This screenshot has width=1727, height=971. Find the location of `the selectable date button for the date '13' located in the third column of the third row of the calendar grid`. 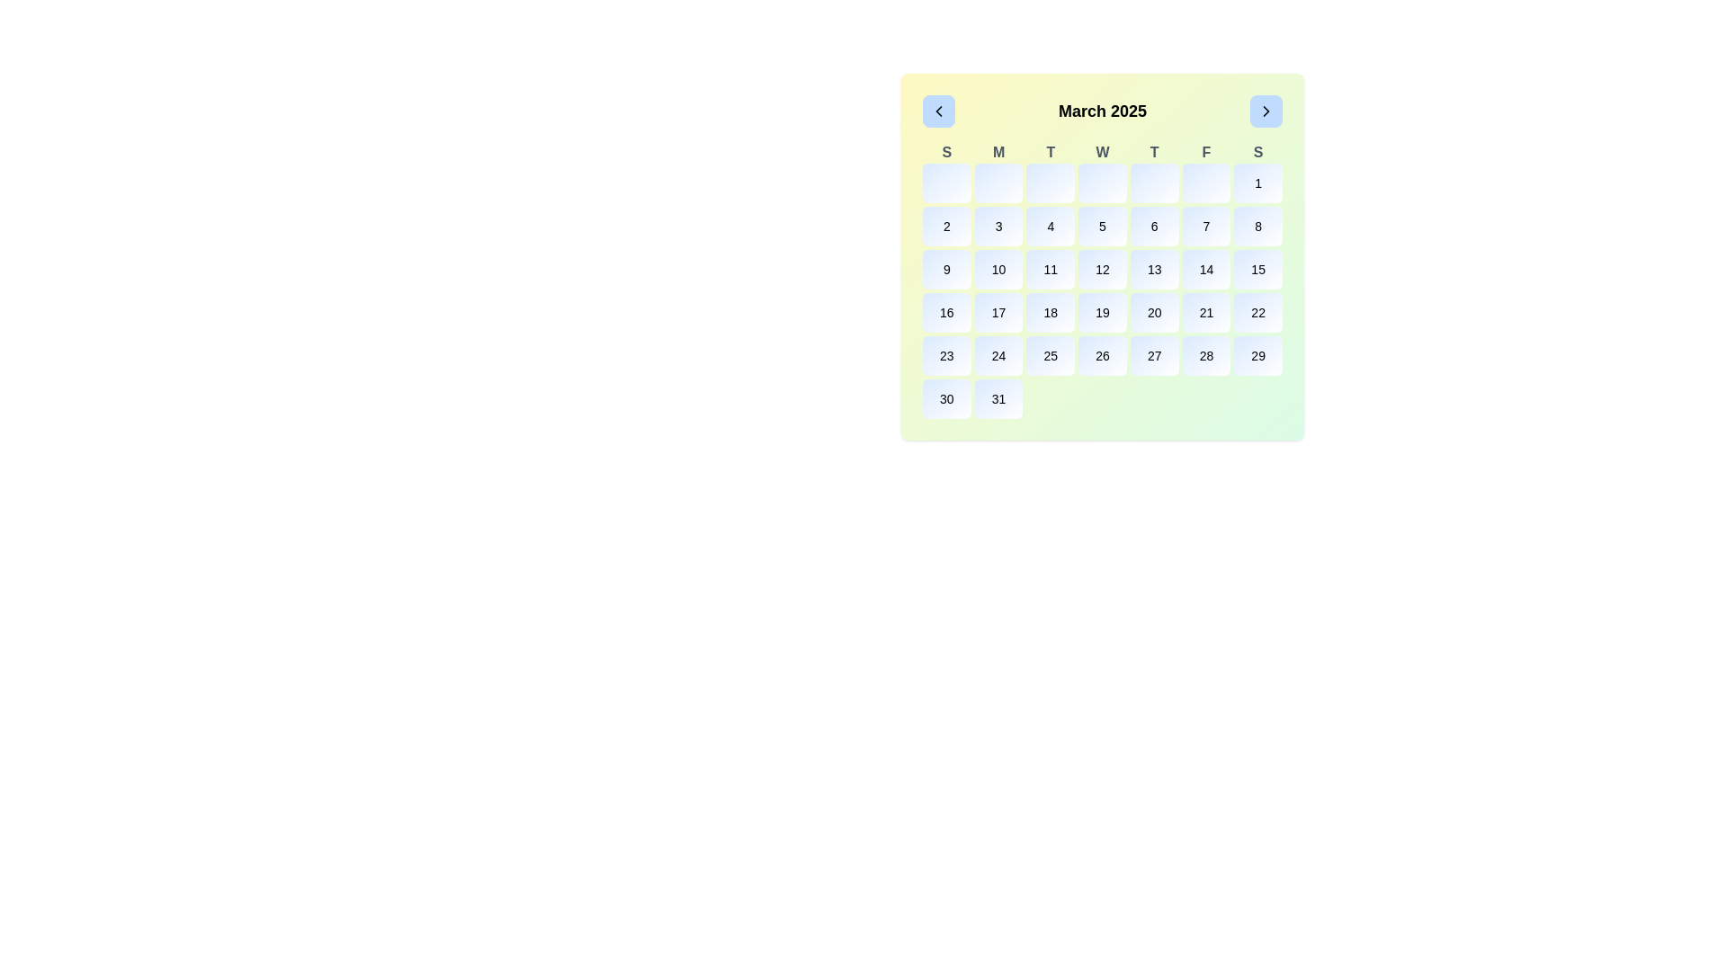

the selectable date button for the date '13' located in the third column of the third row of the calendar grid is located at coordinates (1154, 270).